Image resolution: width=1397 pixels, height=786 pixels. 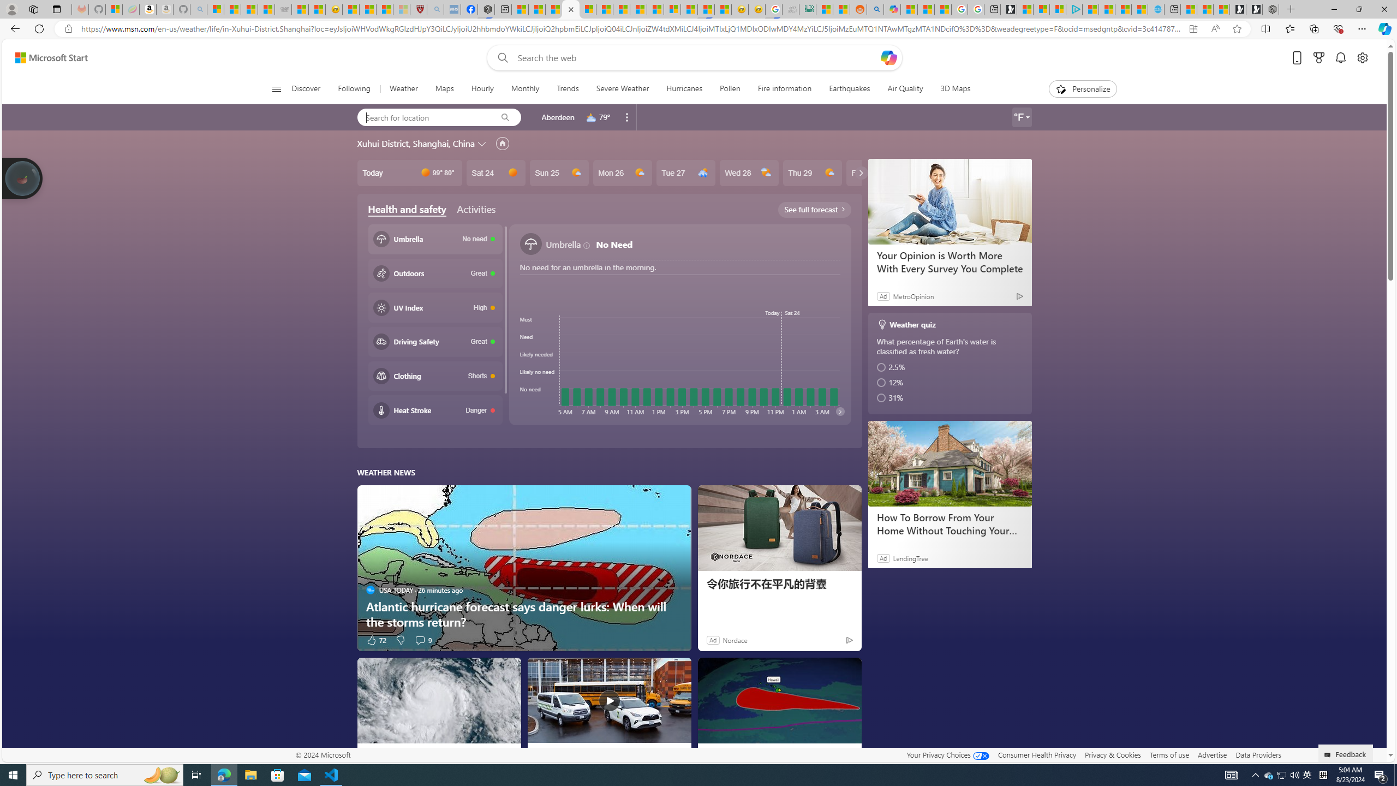 I want to click on 'Notifications', so click(x=1341, y=58).